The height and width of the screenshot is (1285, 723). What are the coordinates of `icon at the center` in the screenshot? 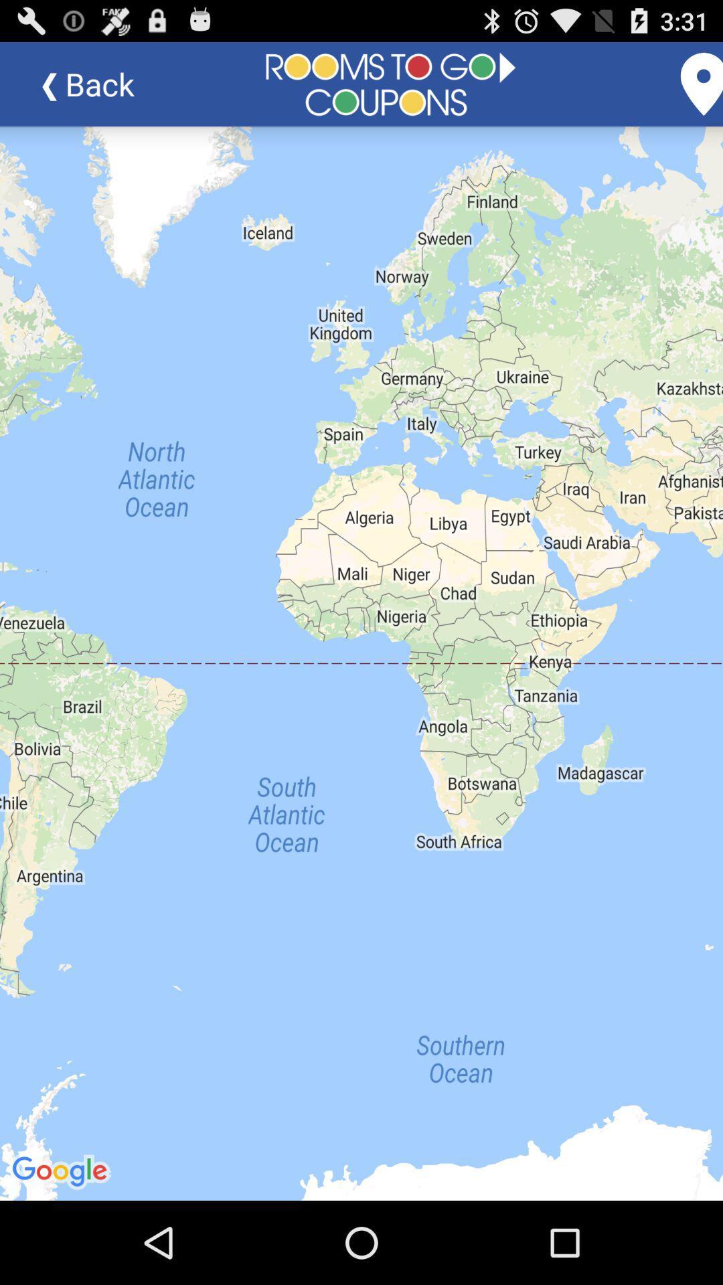 It's located at (361, 663).